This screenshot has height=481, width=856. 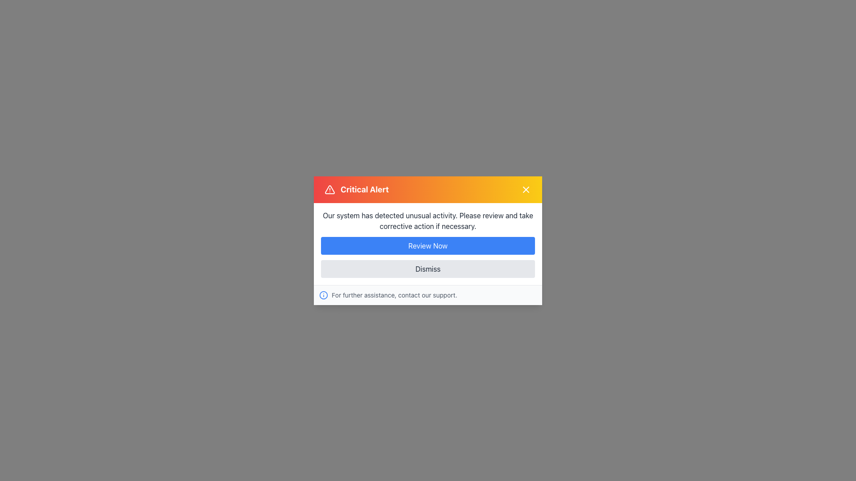 I want to click on the review action button located in the modal window, which is positioned above the 'Dismiss' button and centered horizontally, so click(x=428, y=245).